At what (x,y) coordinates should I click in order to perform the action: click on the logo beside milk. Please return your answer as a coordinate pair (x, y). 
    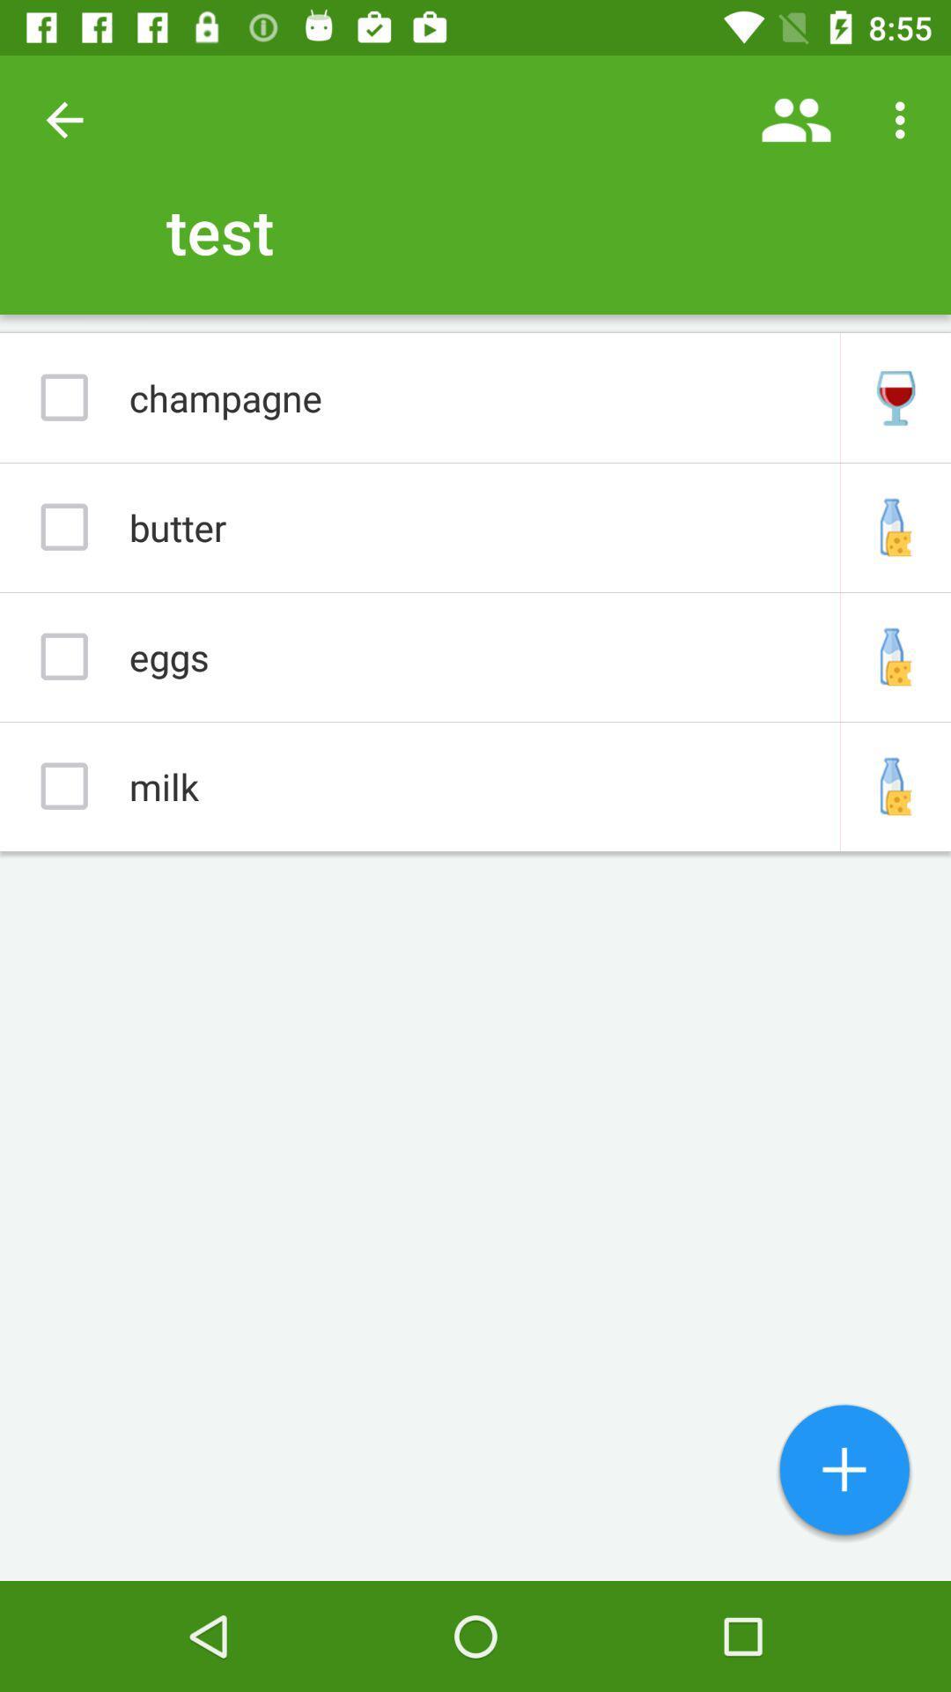
    Looking at the image, I should click on (896, 785).